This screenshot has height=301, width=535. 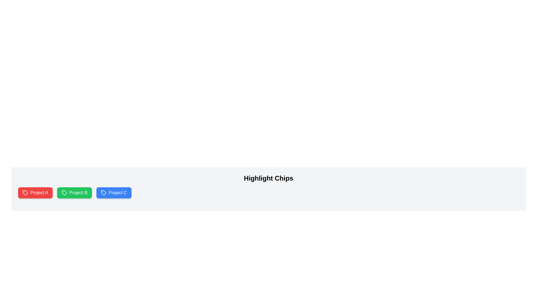 What do you see at coordinates (35, 192) in the screenshot?
I see `the chip labeled Project A` at bounding box center [35, 192].